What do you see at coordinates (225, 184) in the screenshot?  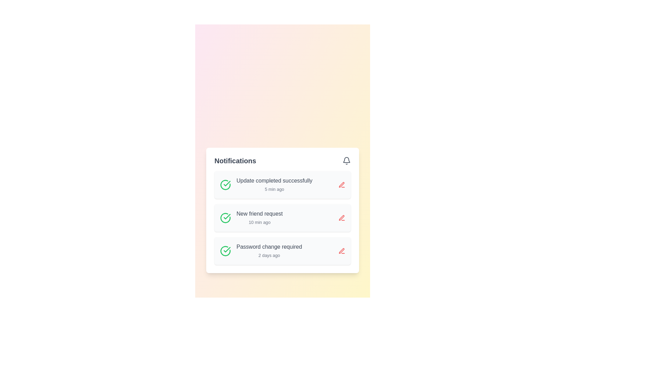 I see `the icon representing the confirmation of the update completed notification titled 'Update completed successfully' located at the top-left corner of the notification item` at bounding box center [225, 184].